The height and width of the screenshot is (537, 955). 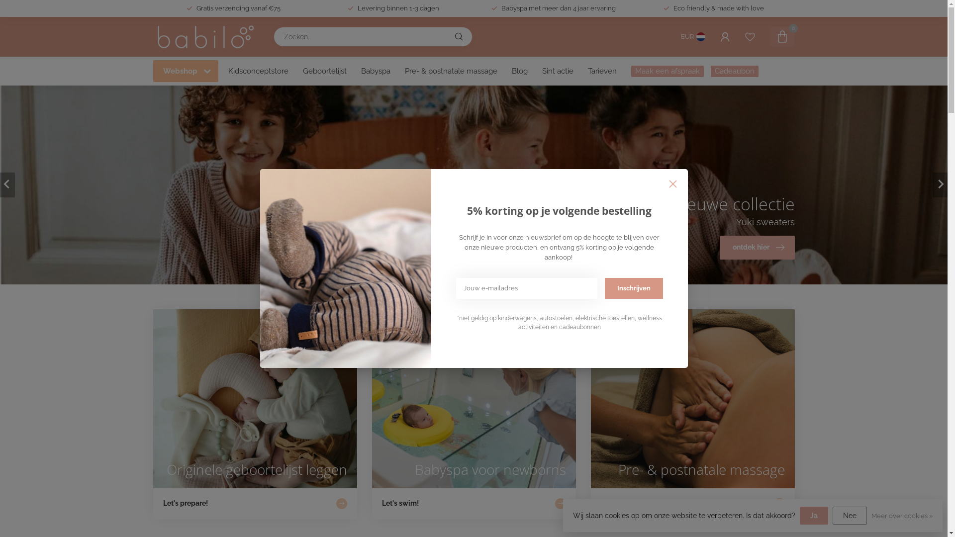 What do you see at coordinates (558, 70) in the screenshot?
I see `'Sint actie'` at bounding box center [558, 70].